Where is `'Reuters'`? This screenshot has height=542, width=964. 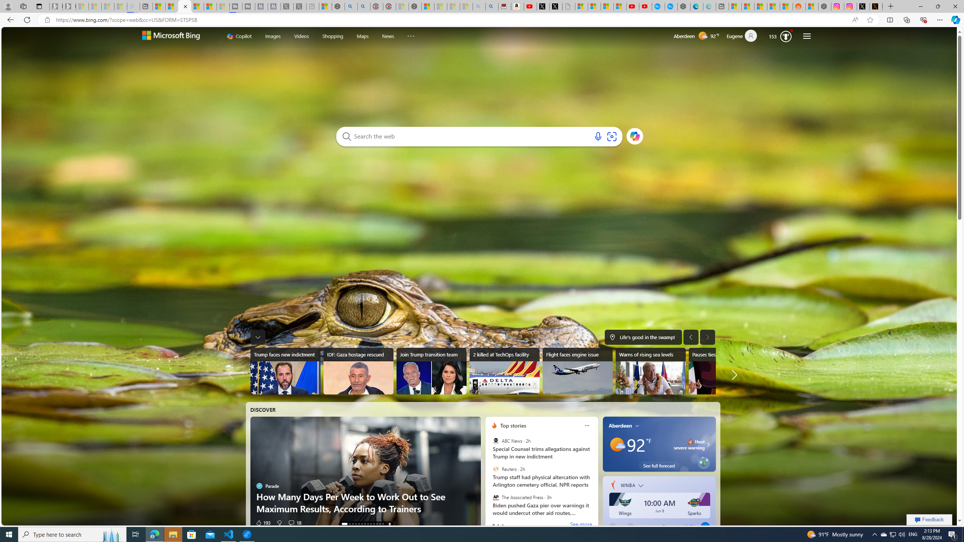 'Reuters' is located at coordinates (496, 469).